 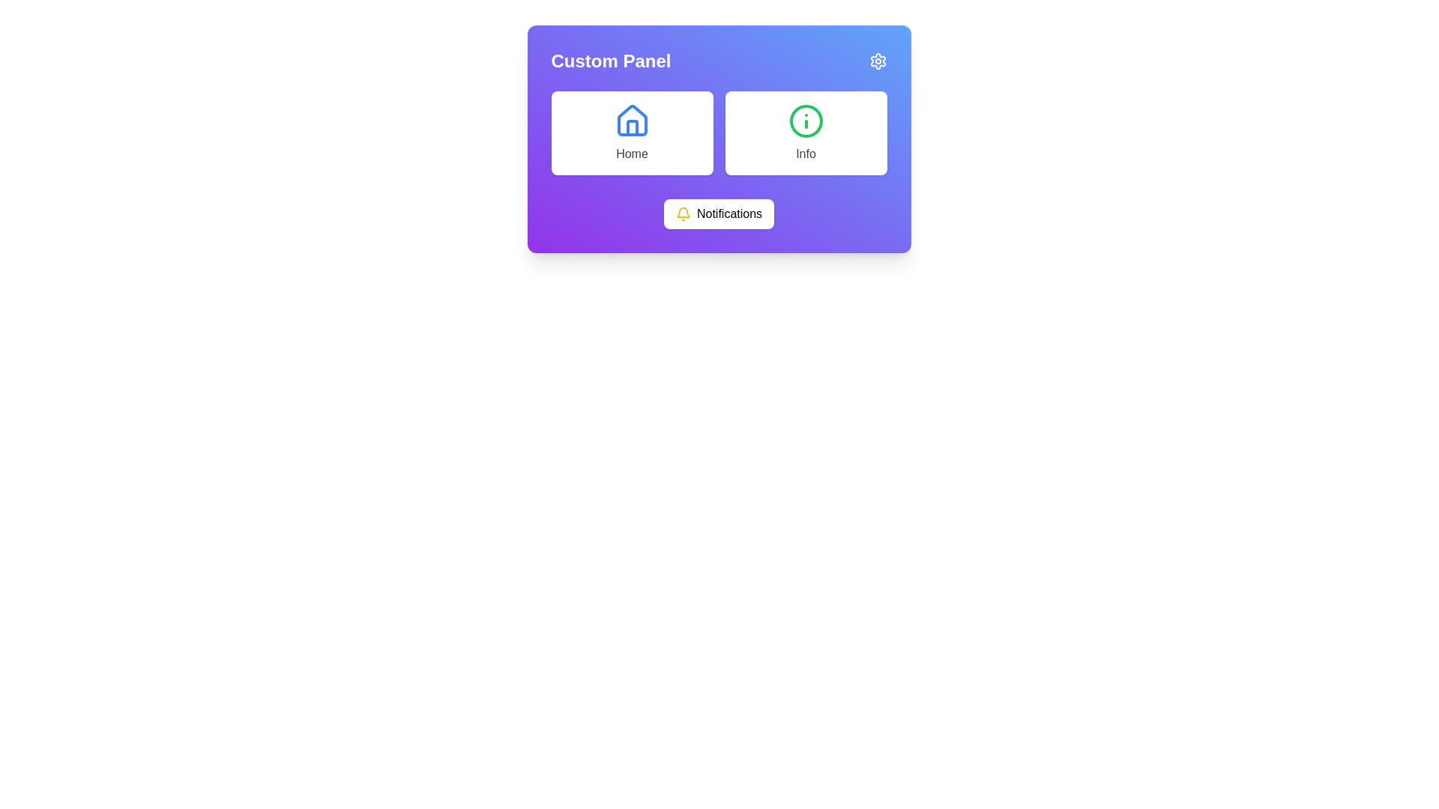 I want to click on the house icon segment that visually represents the 'Home' button, located in the top-left section of the panel, so click(x=632, y=127).